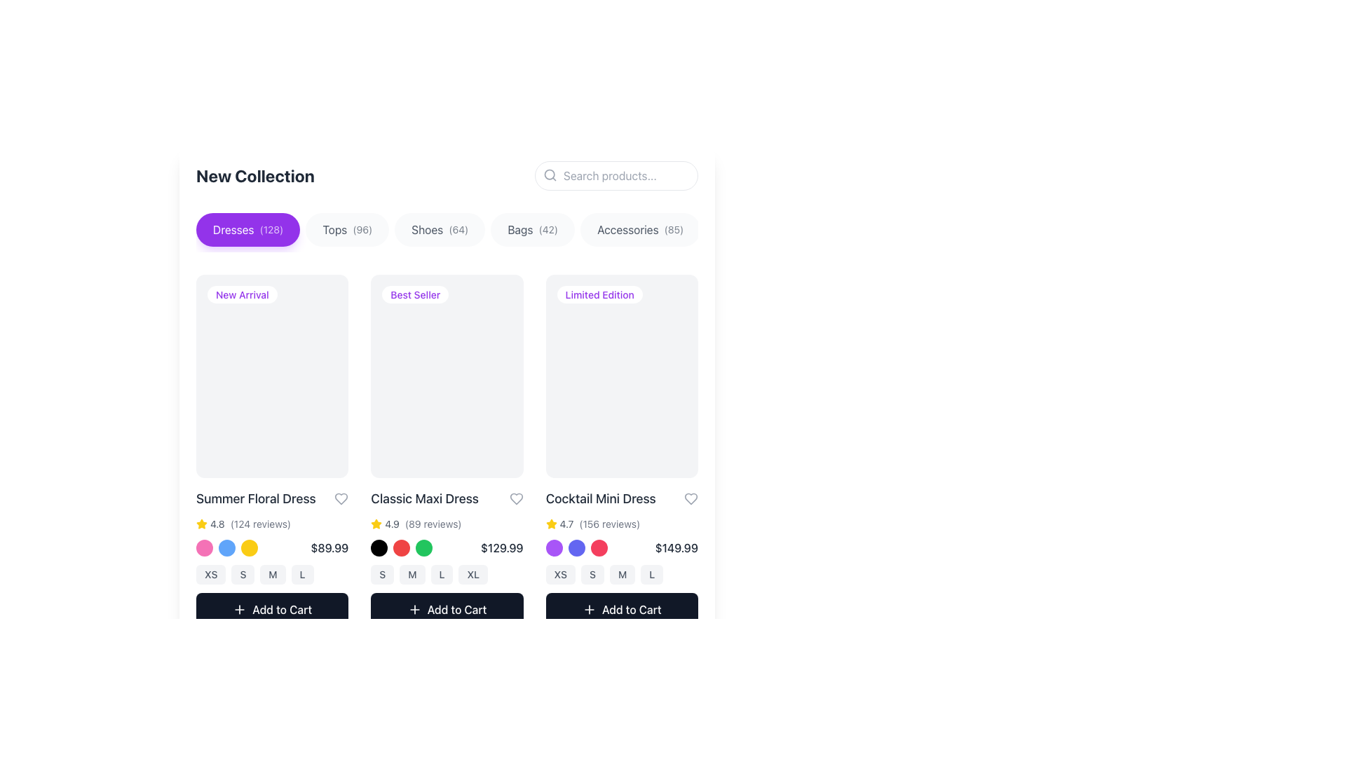 Image resolution: width=1346 pixels, height=757 pixels. Describe the element at coordinates (576, 547) in the screenshot. I see `the color selection option located under the 'Cocktail Mini Dress' section, which is the second element from the left among the horizontally aligned options` at that location.